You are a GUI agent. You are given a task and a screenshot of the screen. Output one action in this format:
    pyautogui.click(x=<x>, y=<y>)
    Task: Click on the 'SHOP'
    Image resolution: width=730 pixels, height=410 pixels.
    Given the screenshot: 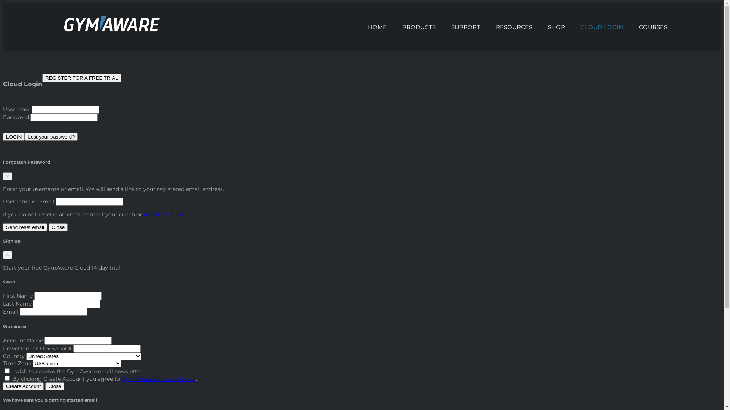 What is the action you would take?
    pyautogui.click(x=557, y=27)
    